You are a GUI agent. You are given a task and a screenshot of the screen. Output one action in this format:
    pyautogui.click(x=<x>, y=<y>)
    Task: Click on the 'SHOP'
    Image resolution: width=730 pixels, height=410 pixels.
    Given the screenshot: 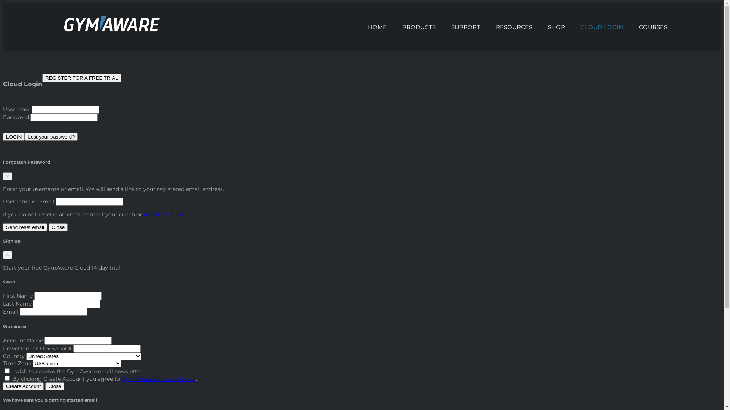 What is the action you would take?
    pyautogui.click(x=557, y=27)
    